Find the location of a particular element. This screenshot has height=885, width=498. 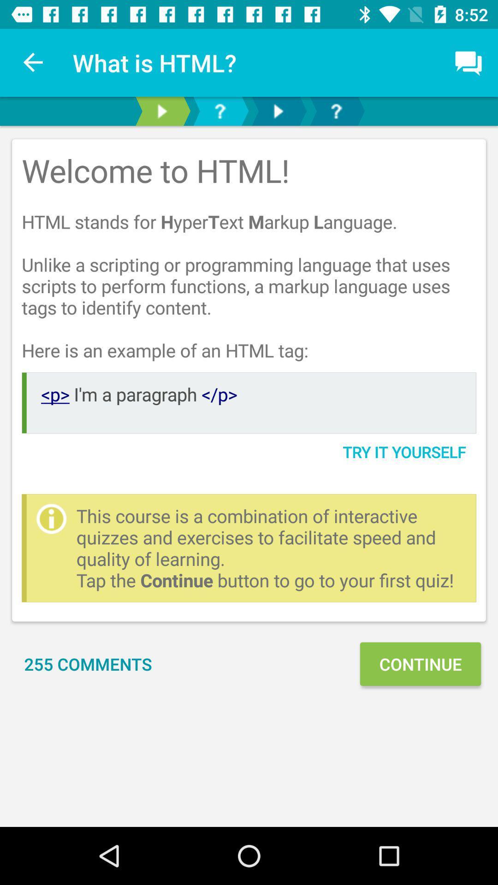

next is located at coordinates (277, 111).